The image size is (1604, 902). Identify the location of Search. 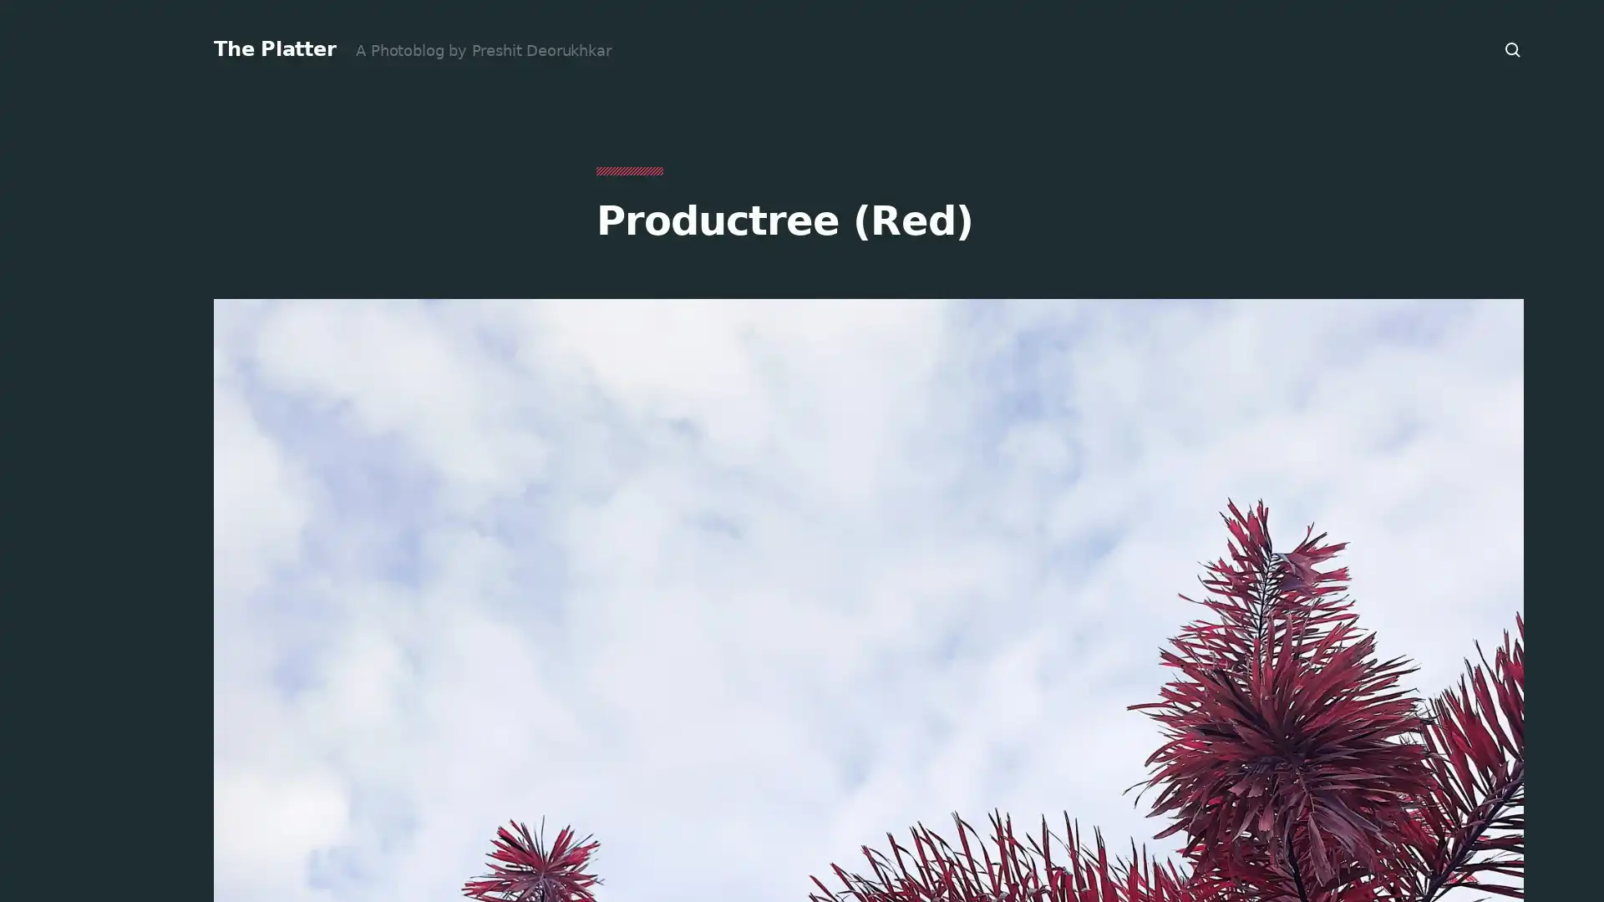
(1513, 49).